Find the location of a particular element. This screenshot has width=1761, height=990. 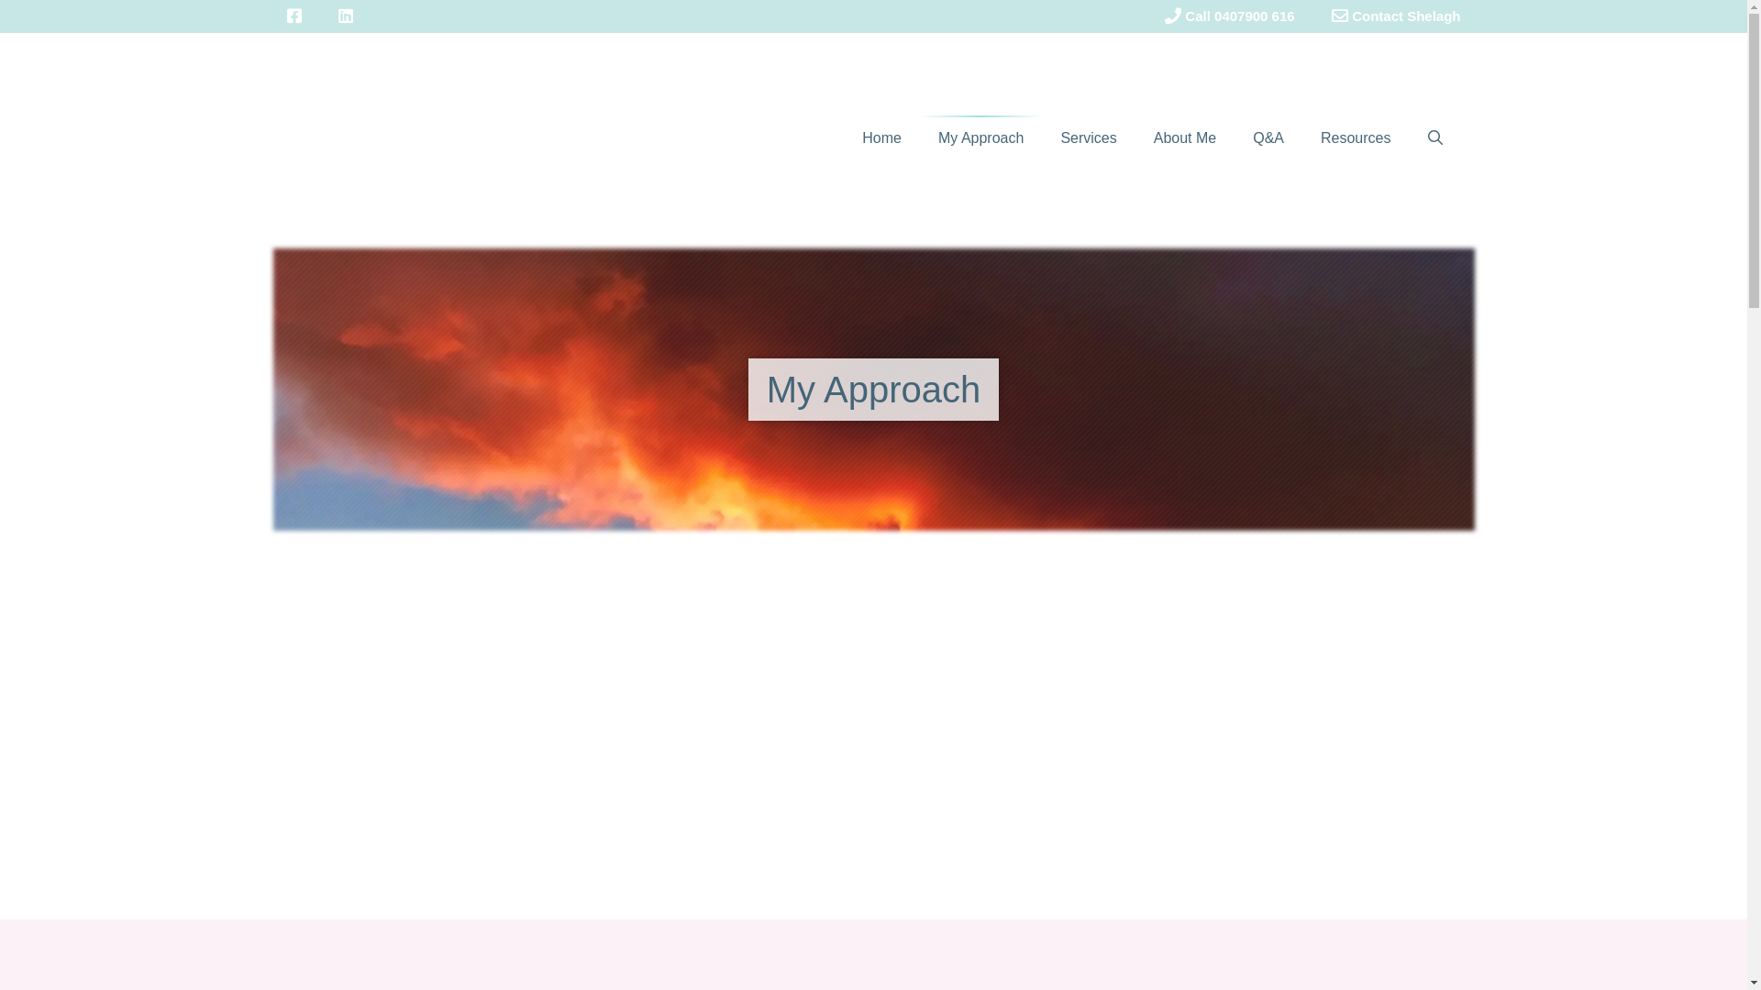

'My Approach' is located at coordinates (980, 137).